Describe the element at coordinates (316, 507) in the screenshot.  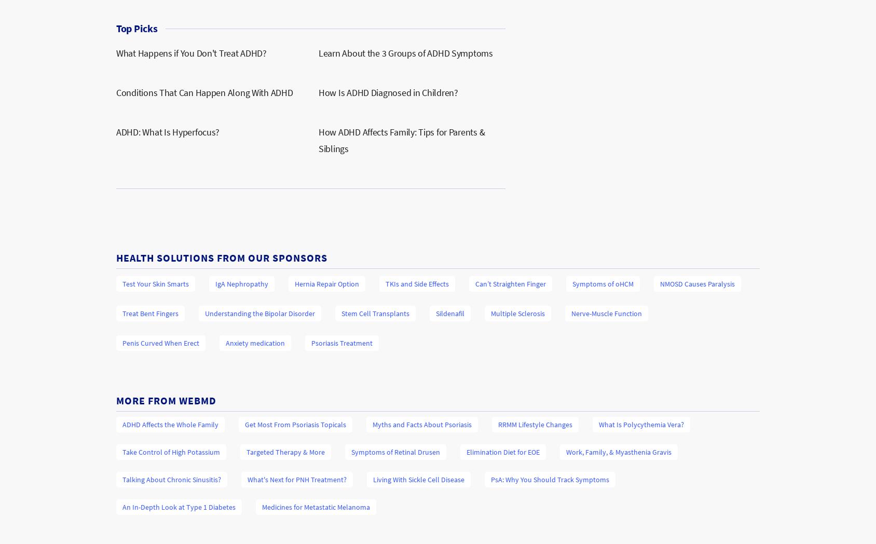
I see `'Medicines for Metastatic Melanoma'` at that location.